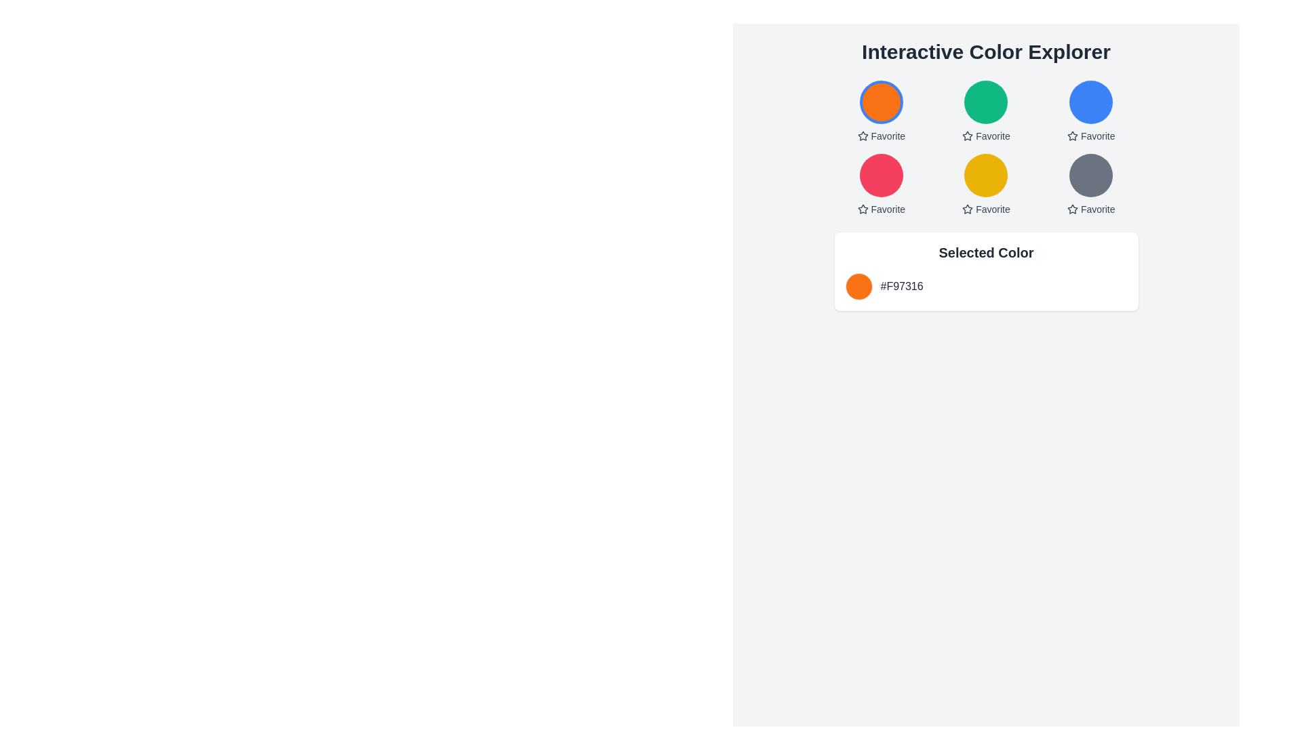 The height and width of the screenshot is (732, 1302). Describe the element at coordinates (1098, 209) in the screenshot. I see `the 'Favorite' text label positioned below the 'Interactive Color Explorer' title, which indicates marking something as a favorite` at that location.